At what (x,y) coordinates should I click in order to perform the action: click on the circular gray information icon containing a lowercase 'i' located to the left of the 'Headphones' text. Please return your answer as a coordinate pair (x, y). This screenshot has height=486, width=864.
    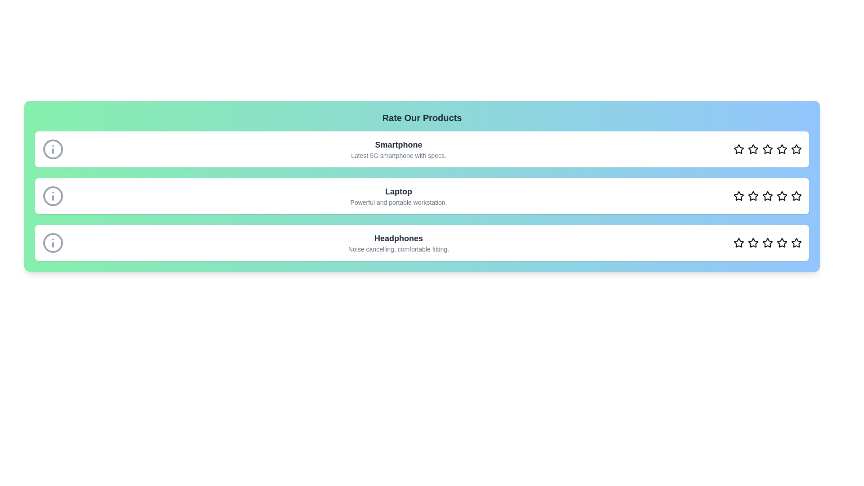
    Looking at the image, I should click on (53, 243).